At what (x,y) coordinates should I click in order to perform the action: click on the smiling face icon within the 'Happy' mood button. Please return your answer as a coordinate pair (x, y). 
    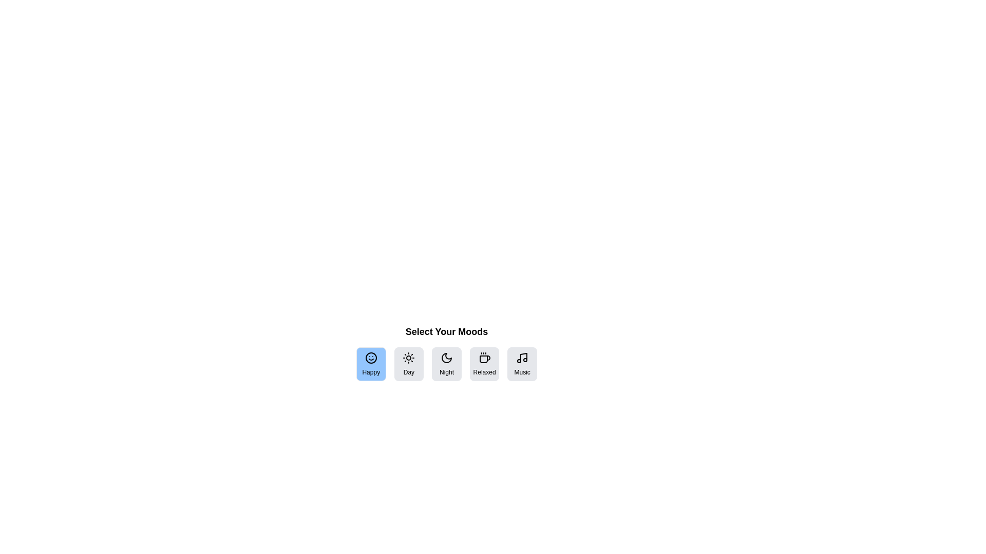
    Looking at the image, I should click on (370, 358).